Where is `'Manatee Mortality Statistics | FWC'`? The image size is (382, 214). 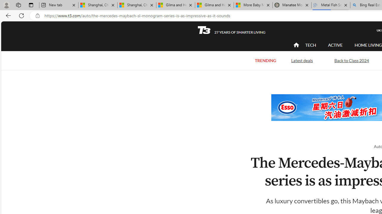
'Manatee Mortality Statistics | FWC' is located at coordinates (292, 5).